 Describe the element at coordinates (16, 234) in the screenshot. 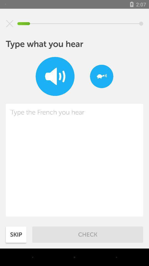

I see `the skip` at that location.